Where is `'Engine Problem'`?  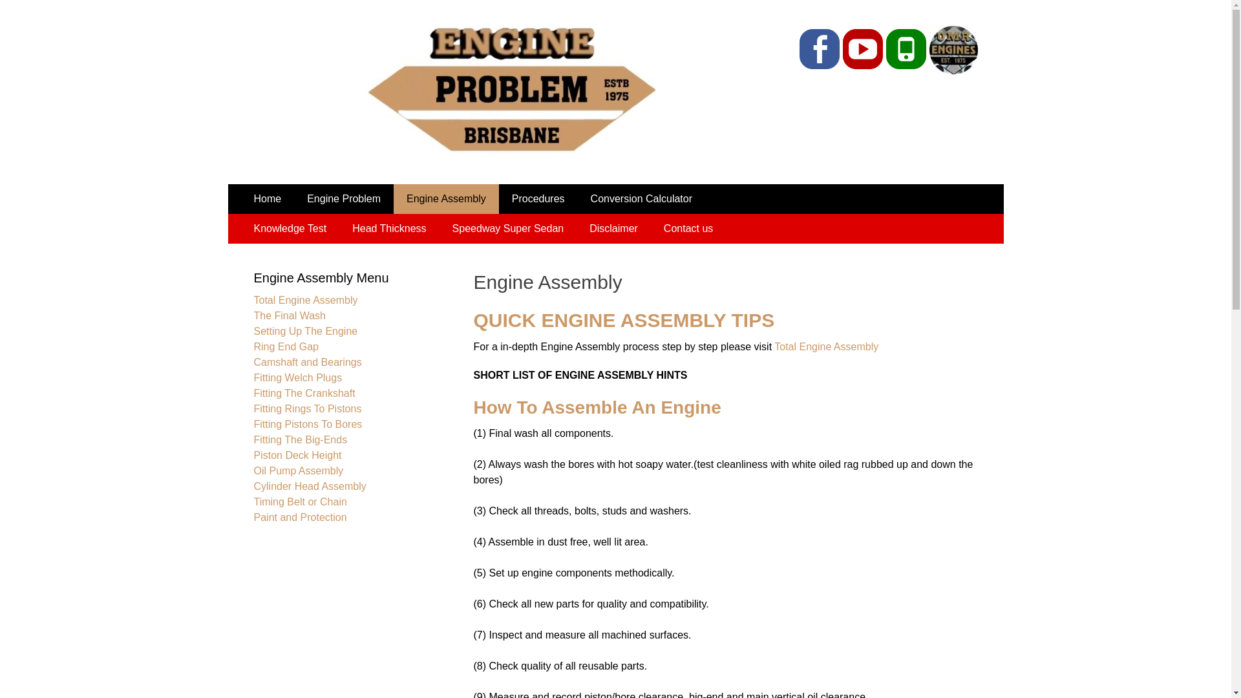
'Engine Problem' is located at coordinates (293, 199).